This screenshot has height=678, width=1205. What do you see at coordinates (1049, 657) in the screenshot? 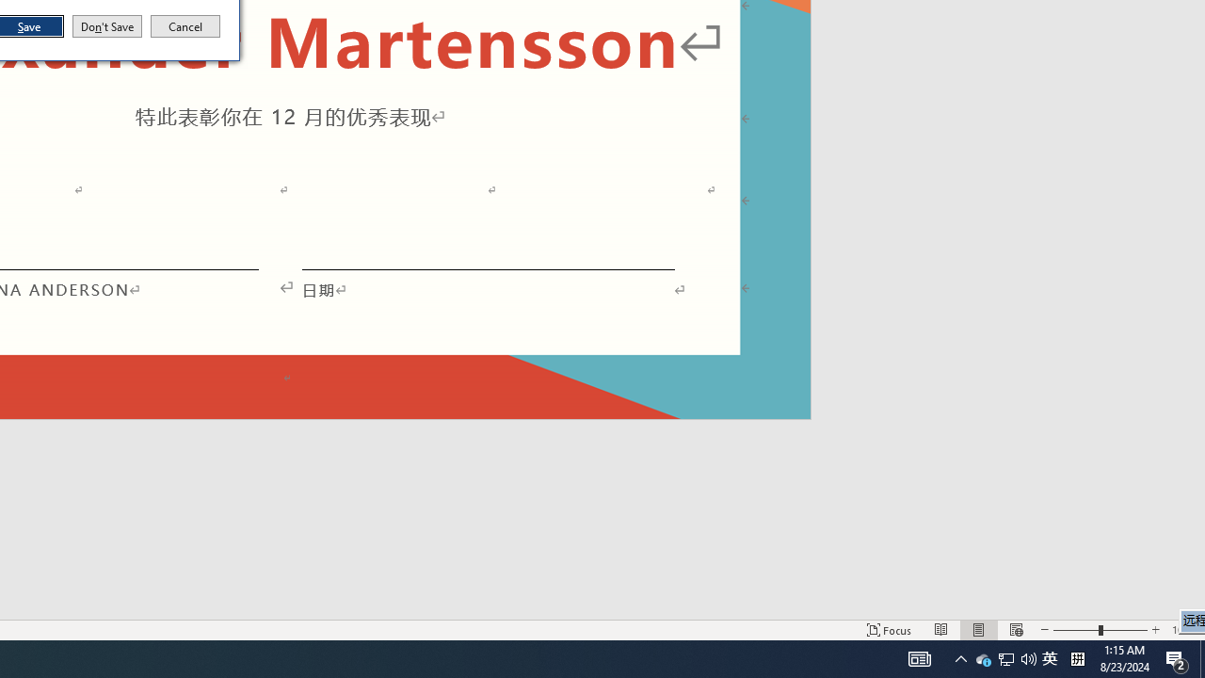
I see `'User Promoted Notification Area'` at bounding box center [1049, 657].